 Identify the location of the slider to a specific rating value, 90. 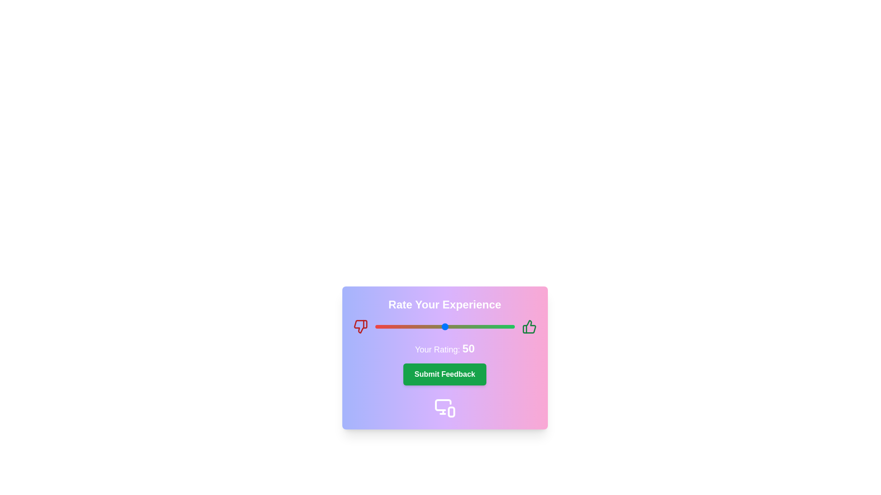
(500, 326).